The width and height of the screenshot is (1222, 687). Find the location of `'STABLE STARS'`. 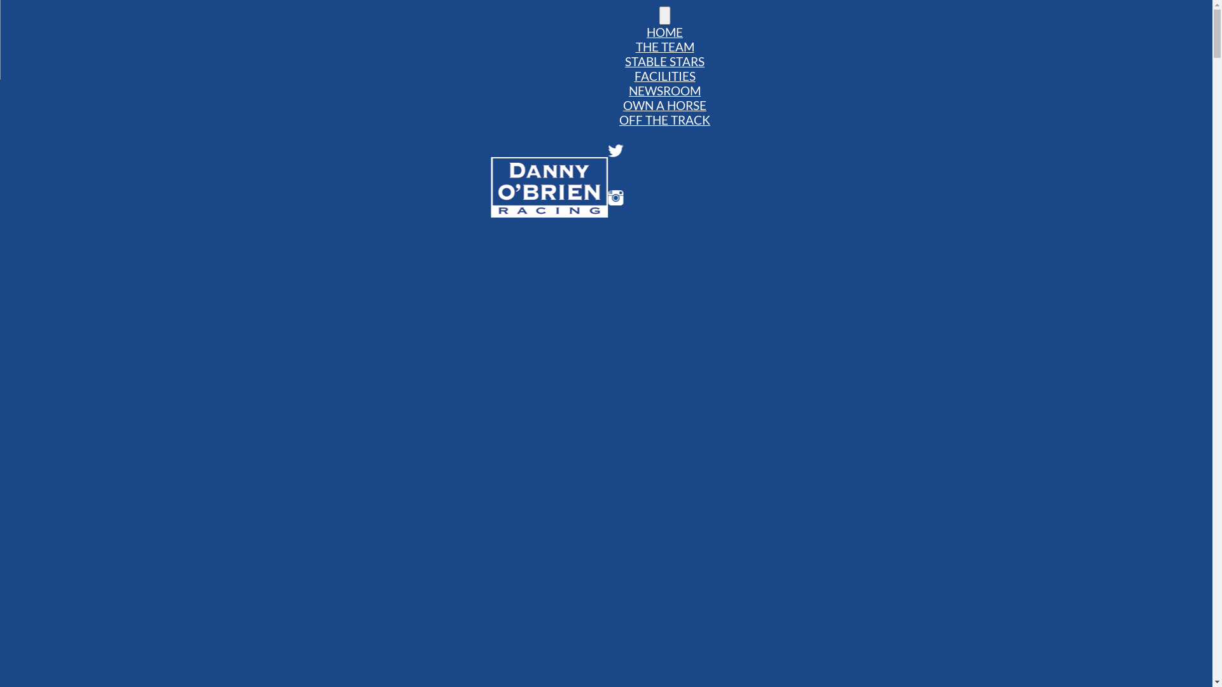

'STABLE STARS' is located at coordinates (620, 61).